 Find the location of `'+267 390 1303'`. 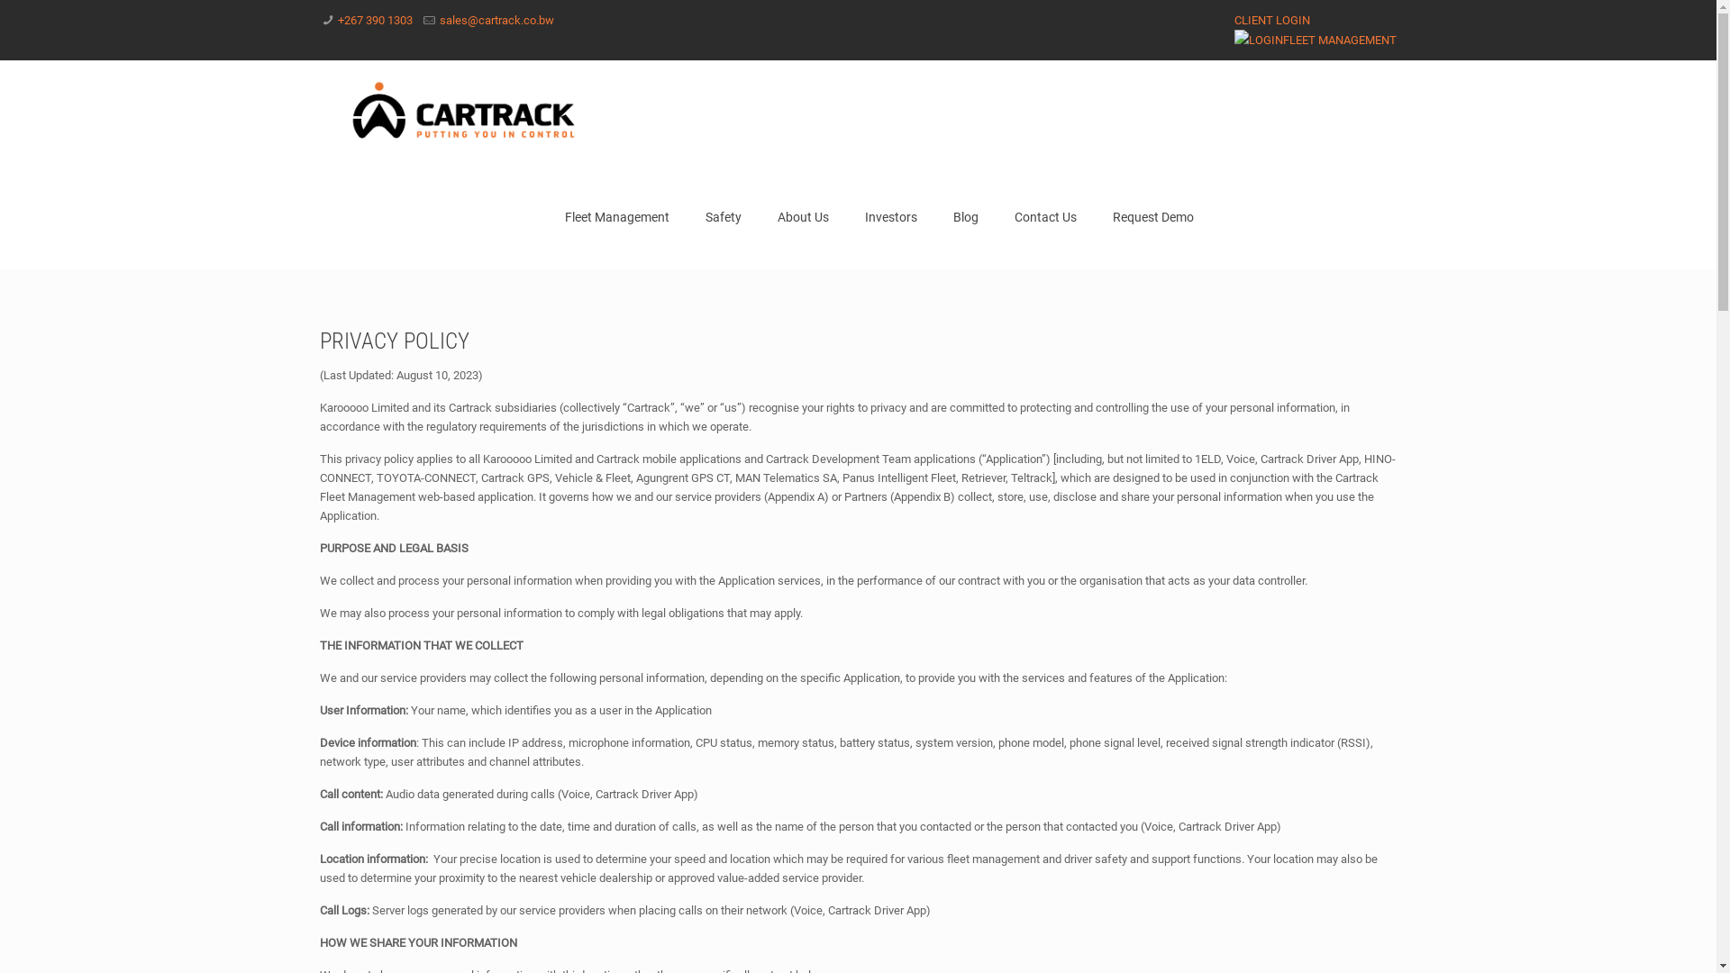

'+267 390 1303' is located at coordinates (374, 20).